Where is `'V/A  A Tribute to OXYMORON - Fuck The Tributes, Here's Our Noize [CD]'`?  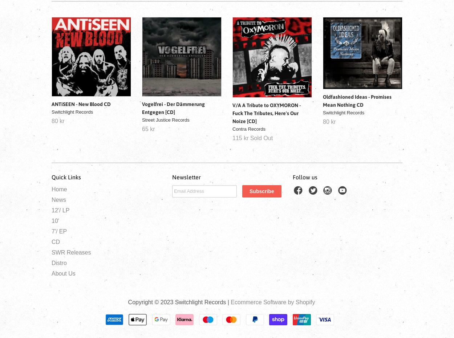 'V/A  A Tribute to OXYMORON - Fuck The Tributes, Here's Our Noize [CD]' is located at coordinates (266, 112).